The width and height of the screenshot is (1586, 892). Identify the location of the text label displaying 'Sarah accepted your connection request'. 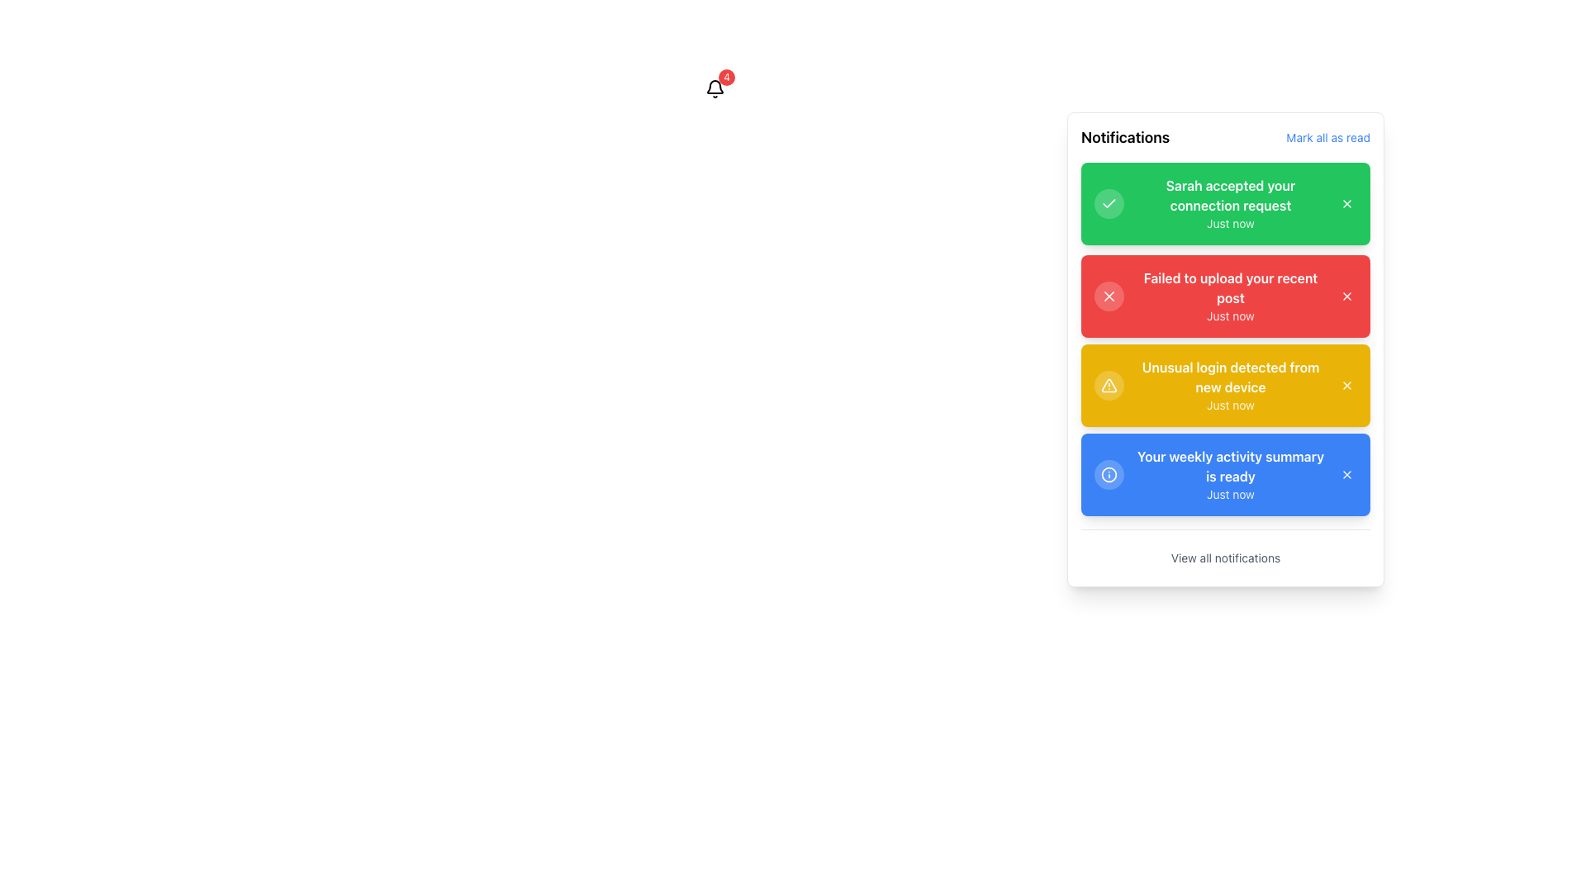
(1230, 194).